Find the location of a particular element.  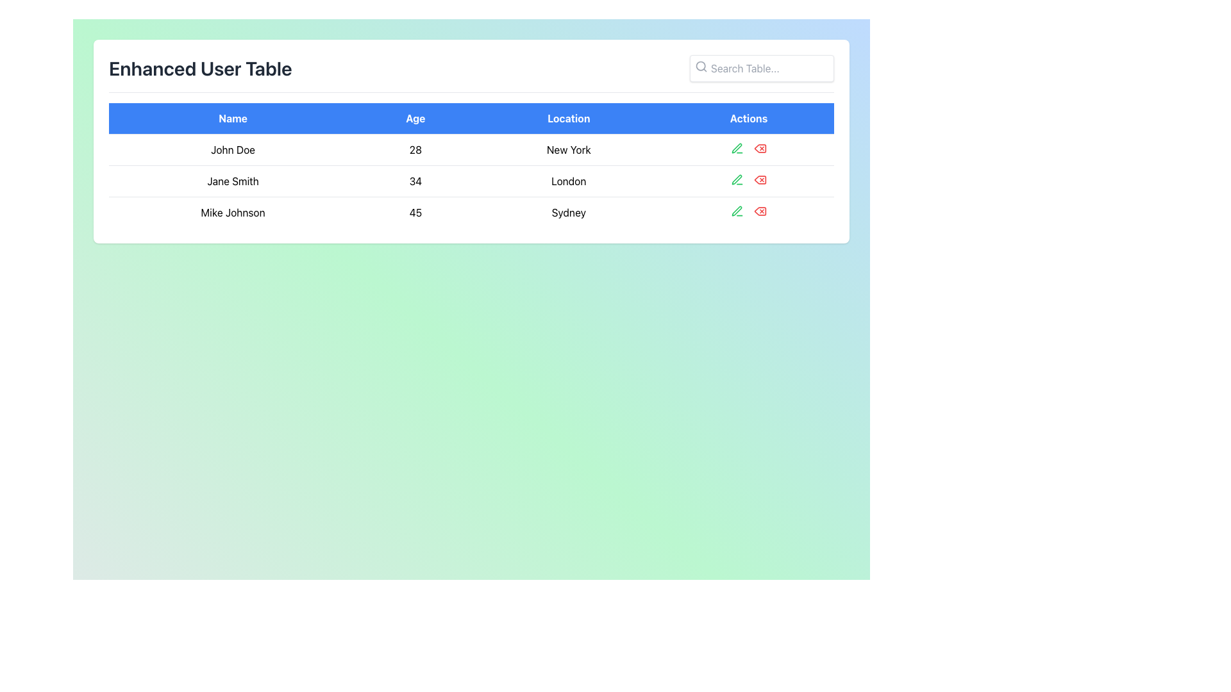

the 'Actions' column header in the table, which is the fourth column header located to the right of the 'Location' header is located at coordinates (748, 119).